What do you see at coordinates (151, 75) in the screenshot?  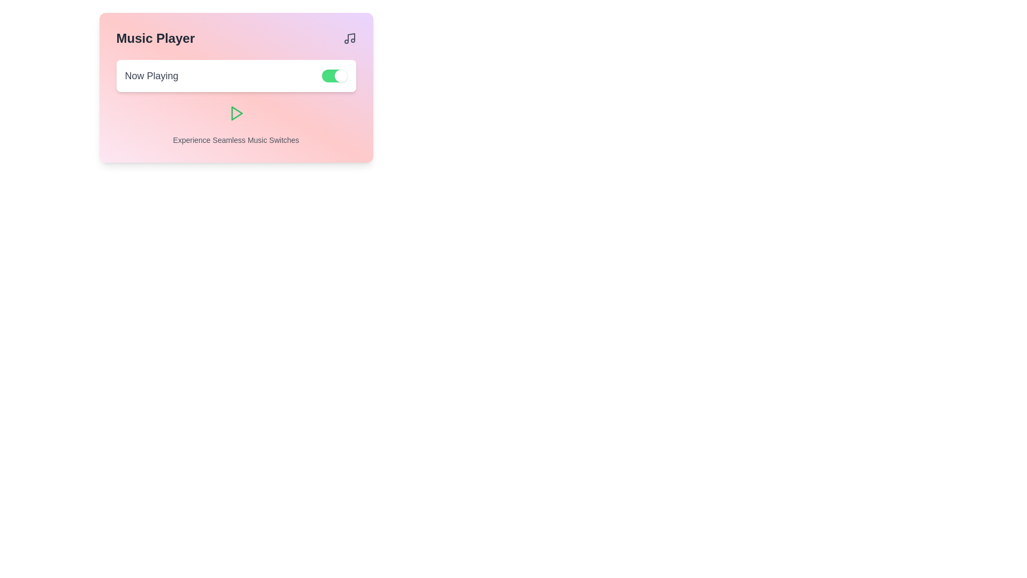 I see `the text label indicating the current status in the music player, positioned inside a rectangular card interface on the left side adjacent to a toggle switch` at bounding box center [151, 75].